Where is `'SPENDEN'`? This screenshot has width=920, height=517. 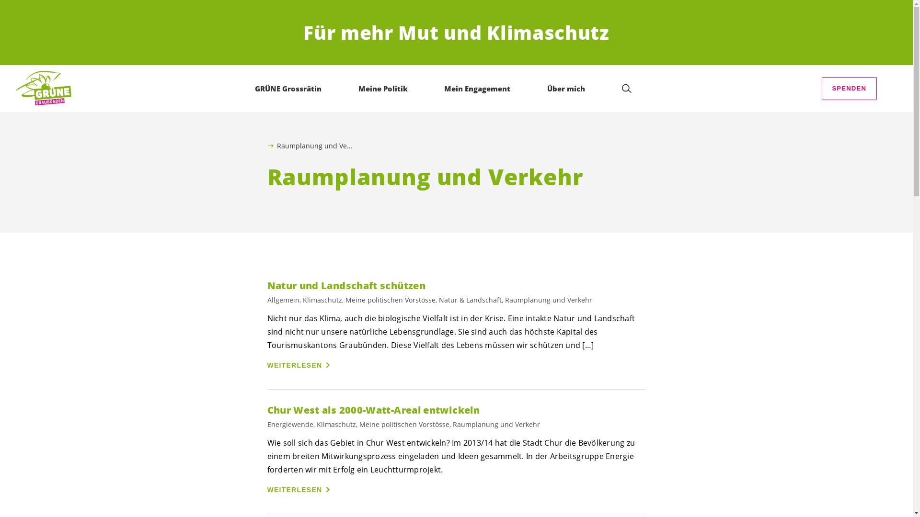
'SPENDEN' is located at coordinates (821, 89).